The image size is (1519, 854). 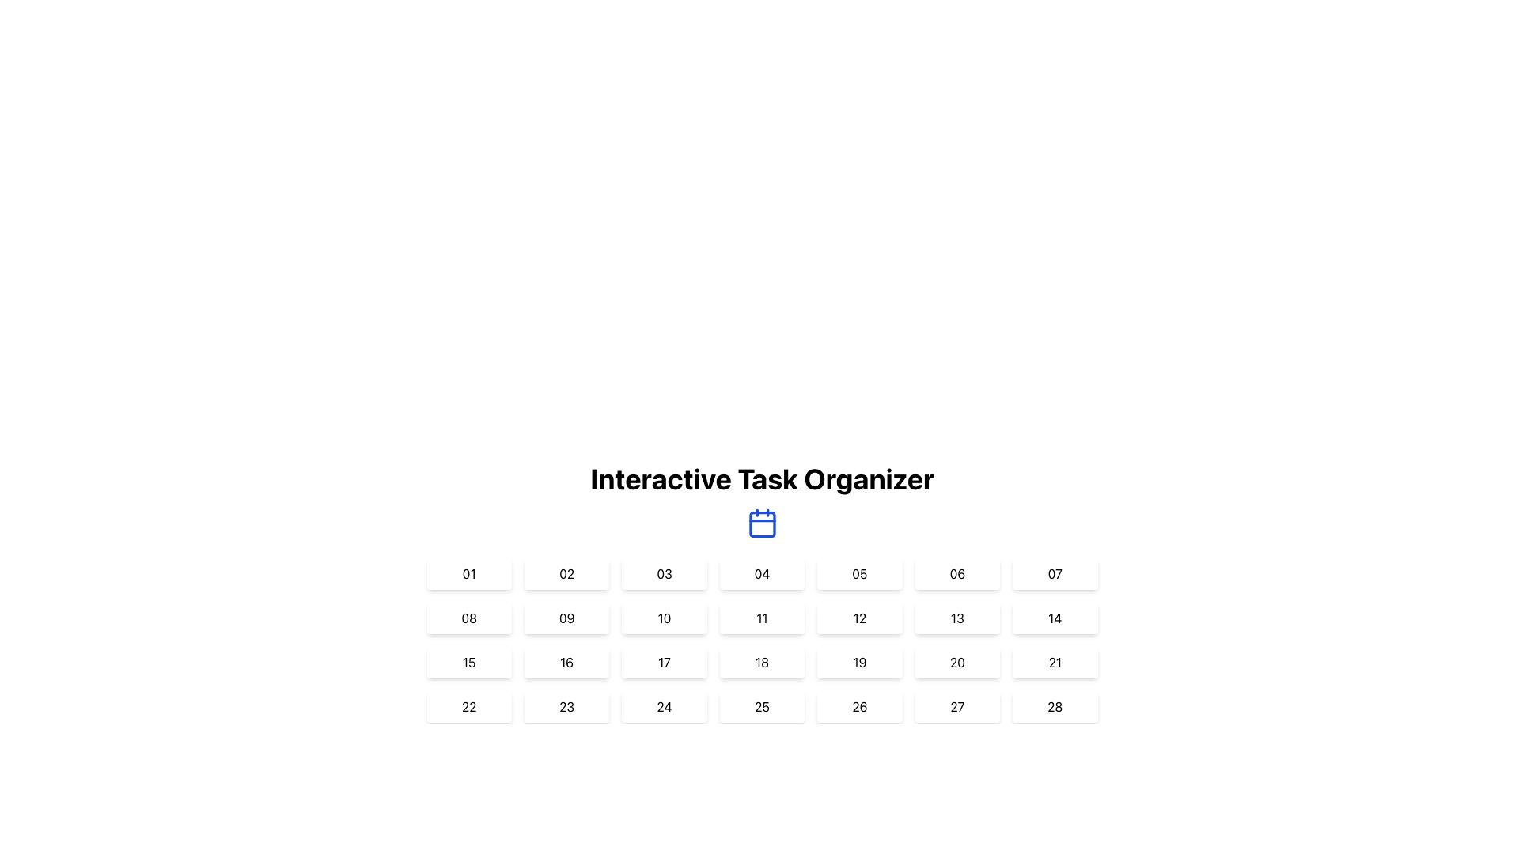 What do you see at coordinates (858, 618) in the screenshot?
I see `the button displaying the number '12'` at bounding box center [858, 618].